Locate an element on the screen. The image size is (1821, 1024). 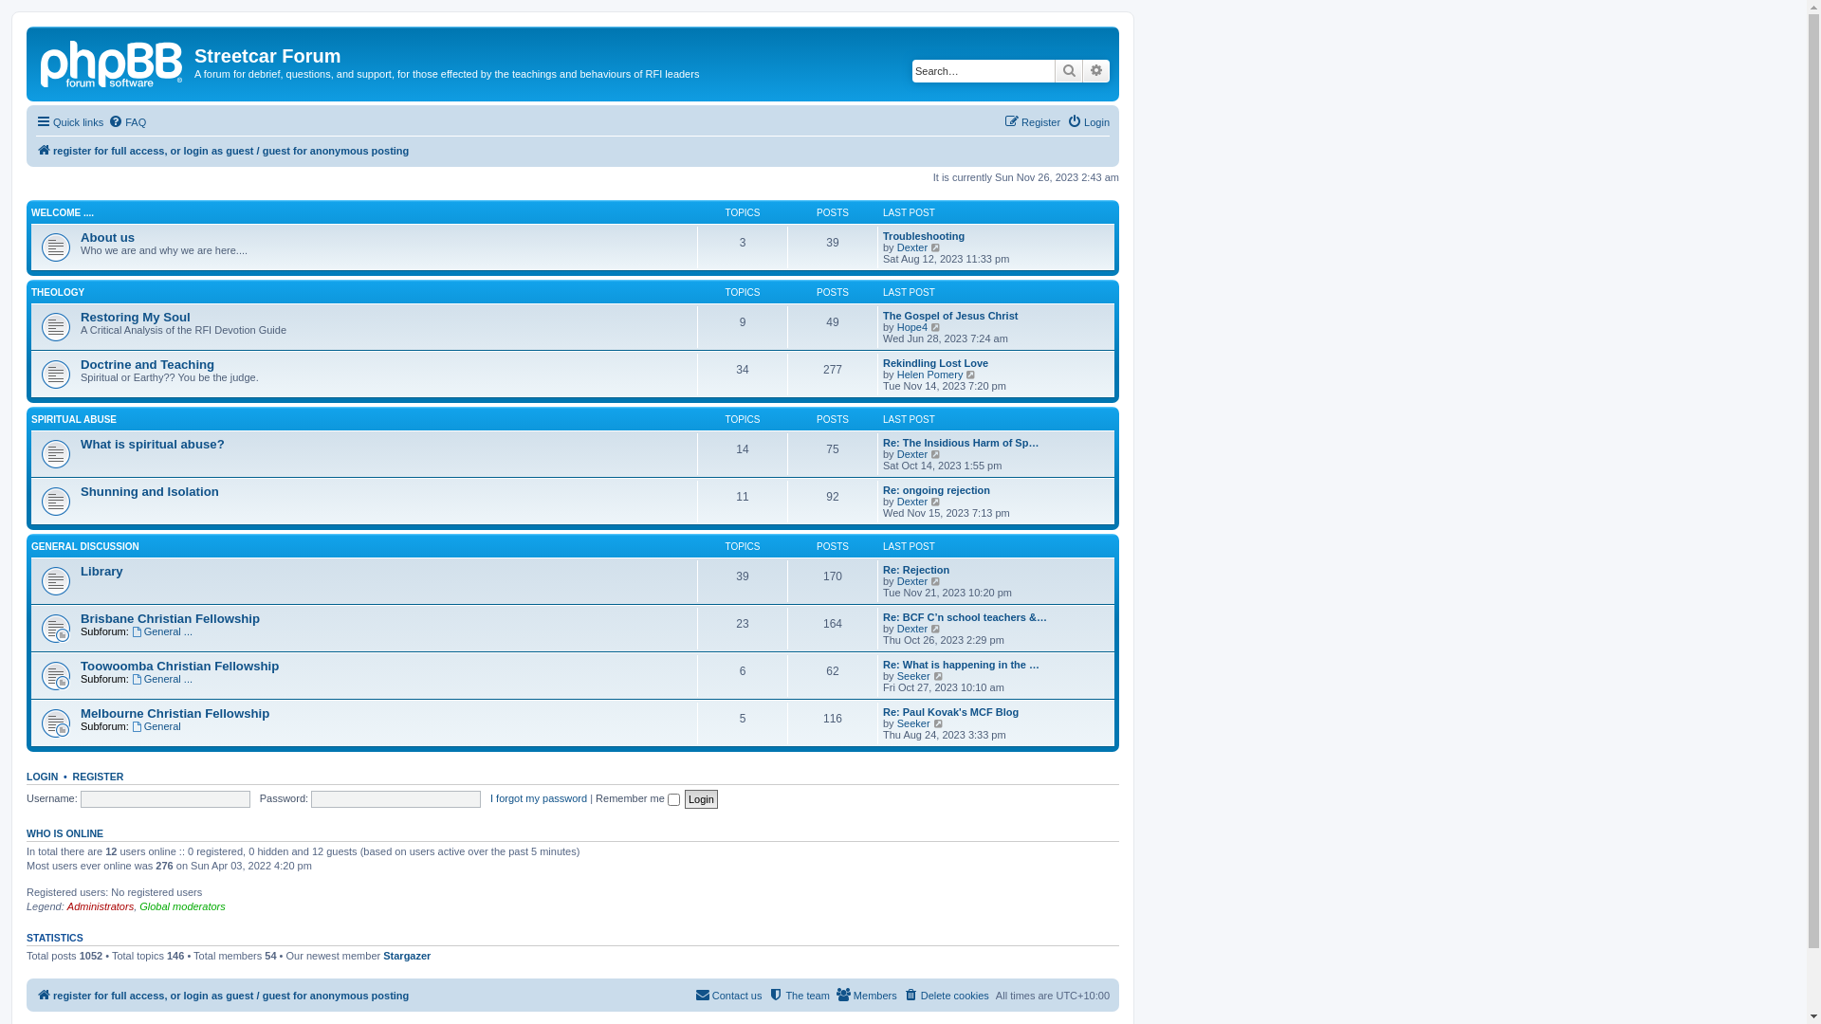
'SPIRITUAL ABUSE' is located at coordinates (73, 418).